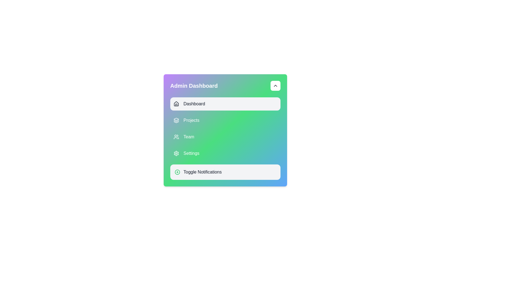  What do you see at coordinates (176, 136) in the screenshot?
I see `the SVG Icon representing a group of users, which is positioned to the left of the text 'Team' in the side navigation menu` at bounding box center [176, 136].